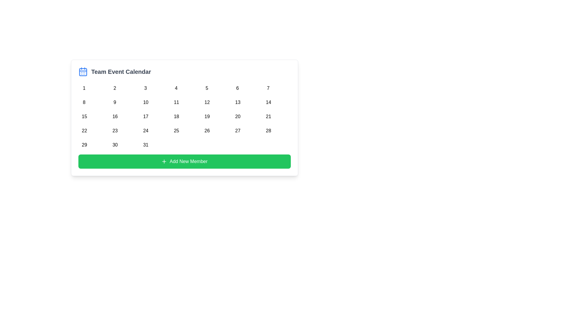  Describe the element at coordinates (207, 129) in the screenshot. I see `the button representing day '26'` at that location.